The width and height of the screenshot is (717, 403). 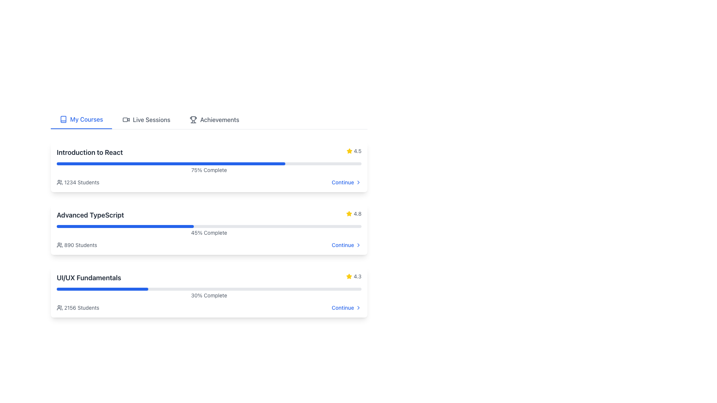 I want to click on the progress bar indicating 45% completion within the 'Advanced TypeScript' section, so click(x=209, y=226).